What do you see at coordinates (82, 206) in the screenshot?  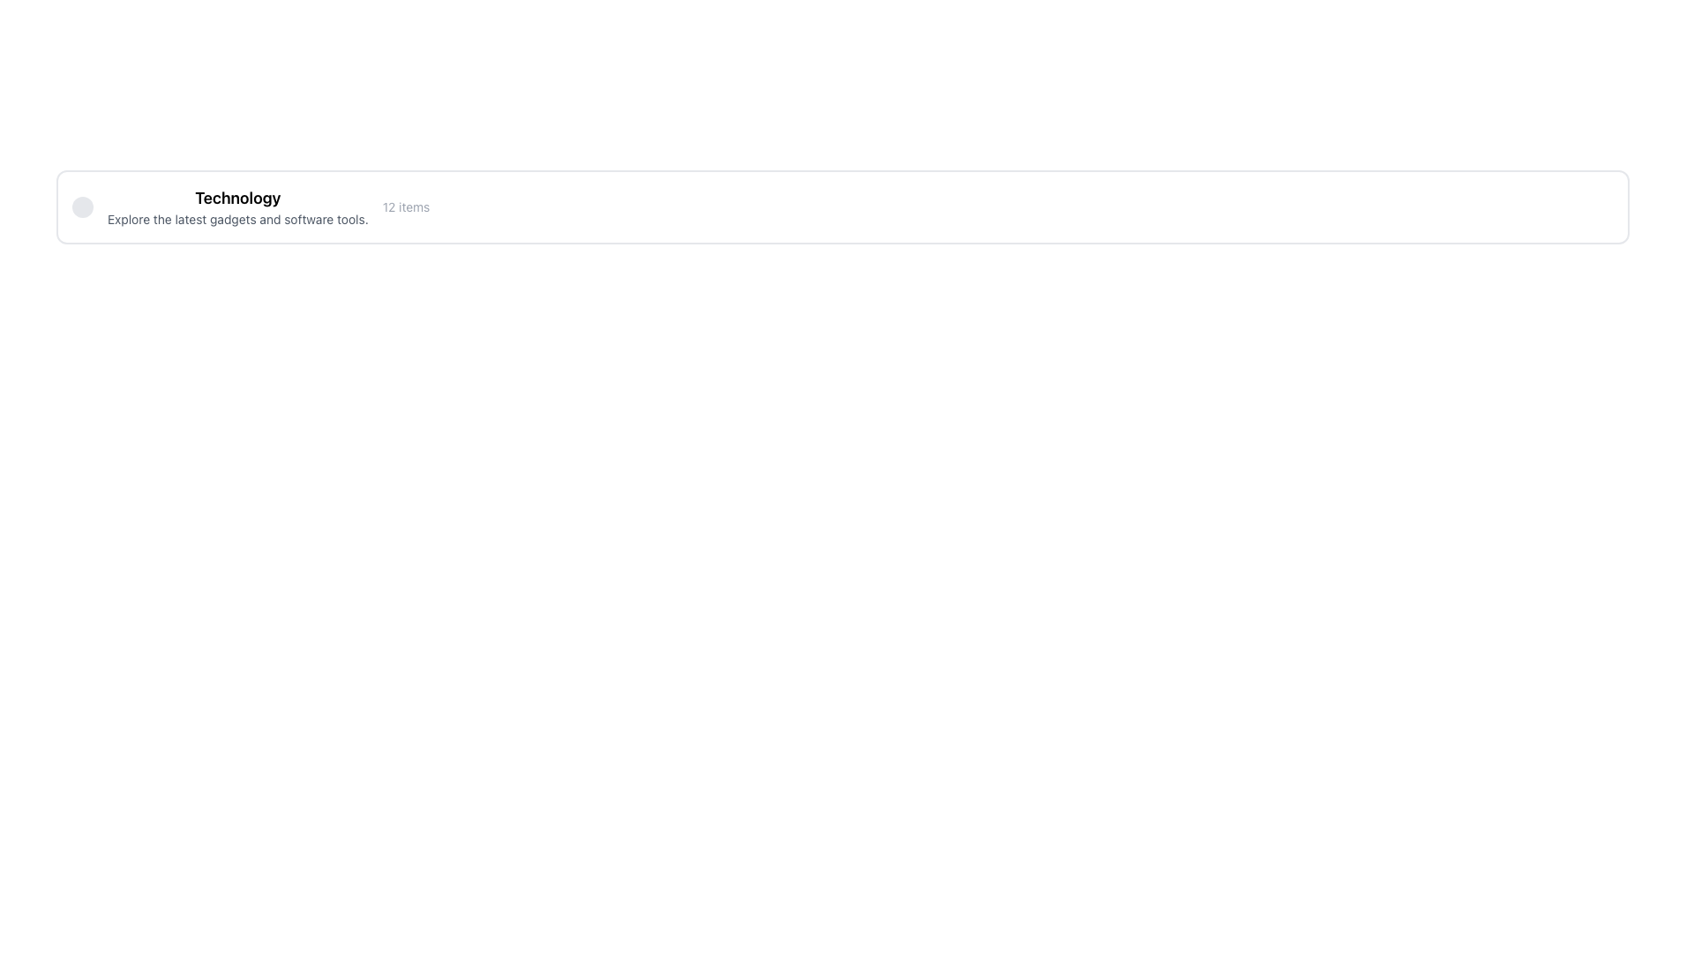 I see `the circular UI component with a gray background located at the far-left side of the card containing 'Technology', a description, and a counter labeled '12 items'` at bounding box center [82, 206].